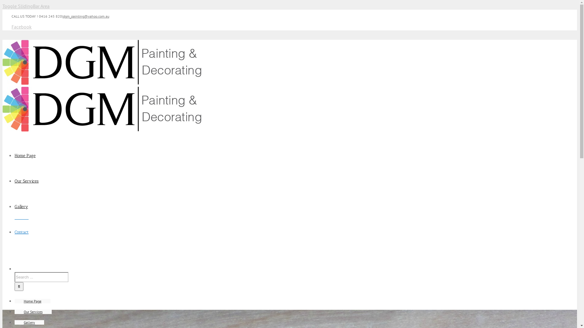 The height and width of the screenshot is (328, 584). I want to click on 'Gallery', so click(21, 206).